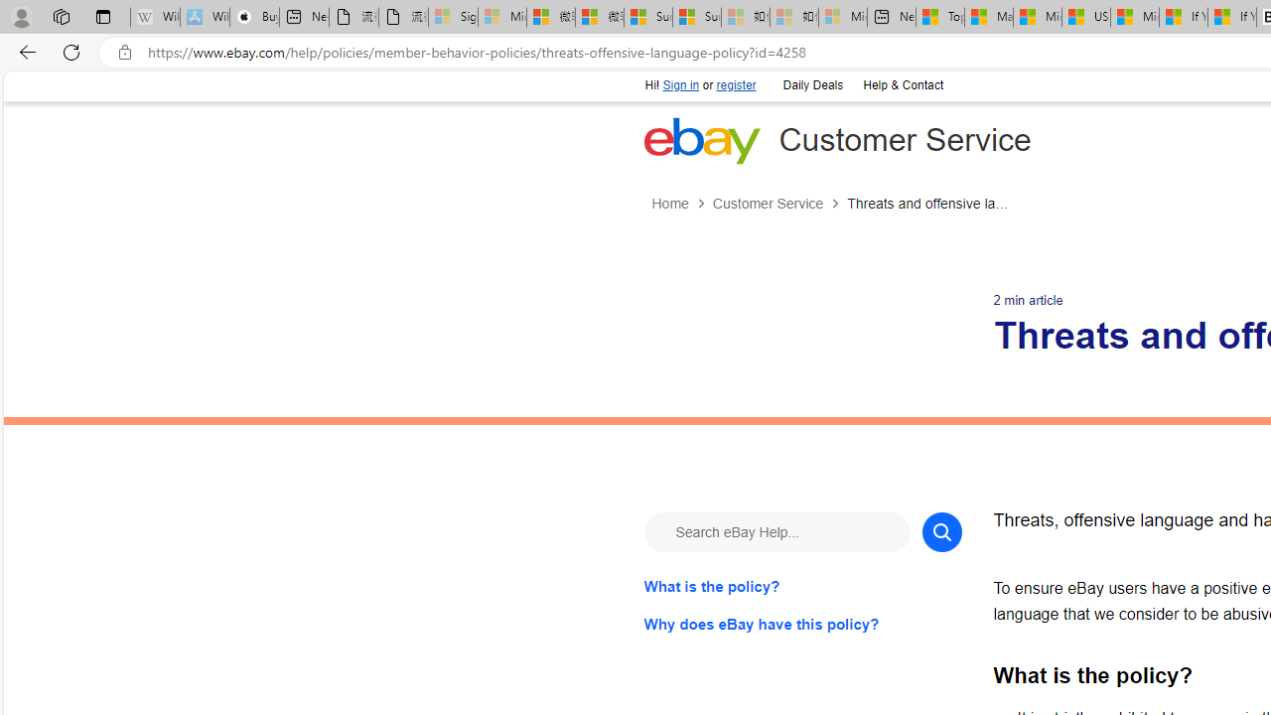 This screenshot has height=715, width=1271. I want to click on 'Customer Service', so click(778, 204).